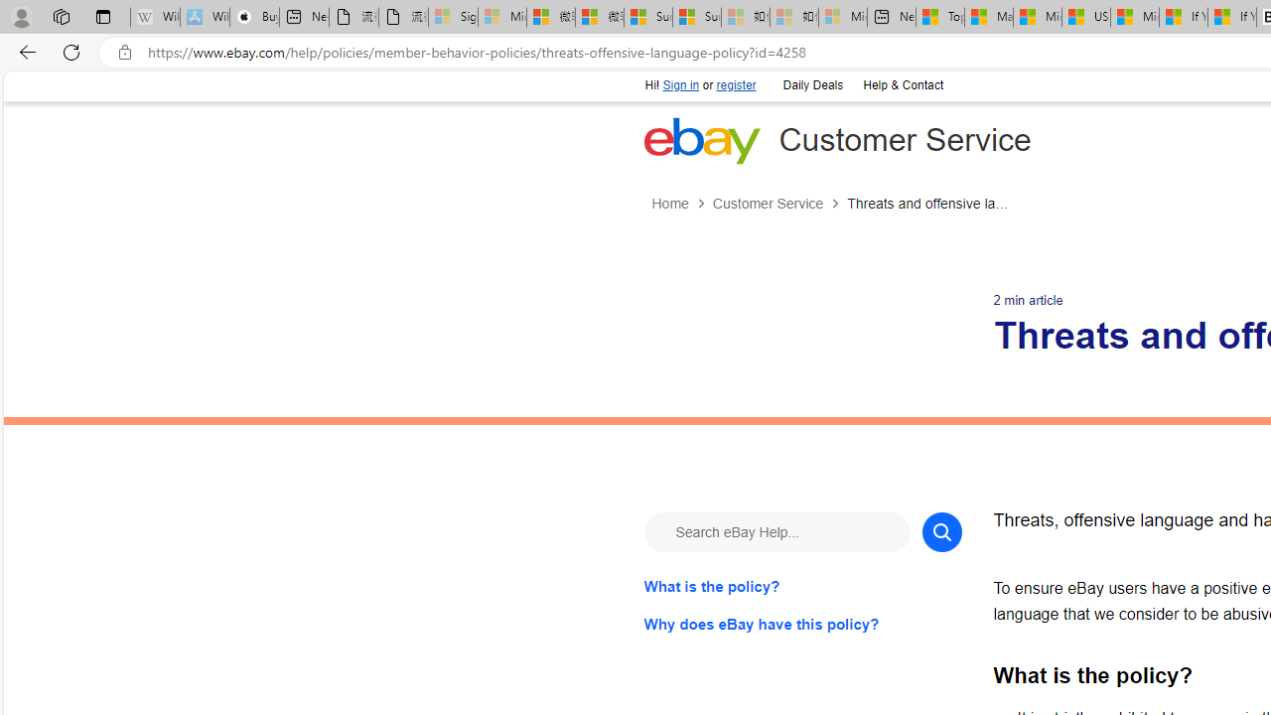 This screenshot has height=715, width=1271. I want to click on 'Customer Service', so click(778, 204).